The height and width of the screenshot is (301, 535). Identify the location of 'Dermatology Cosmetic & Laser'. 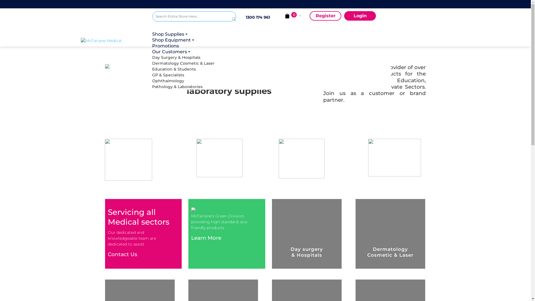
(183, 63).